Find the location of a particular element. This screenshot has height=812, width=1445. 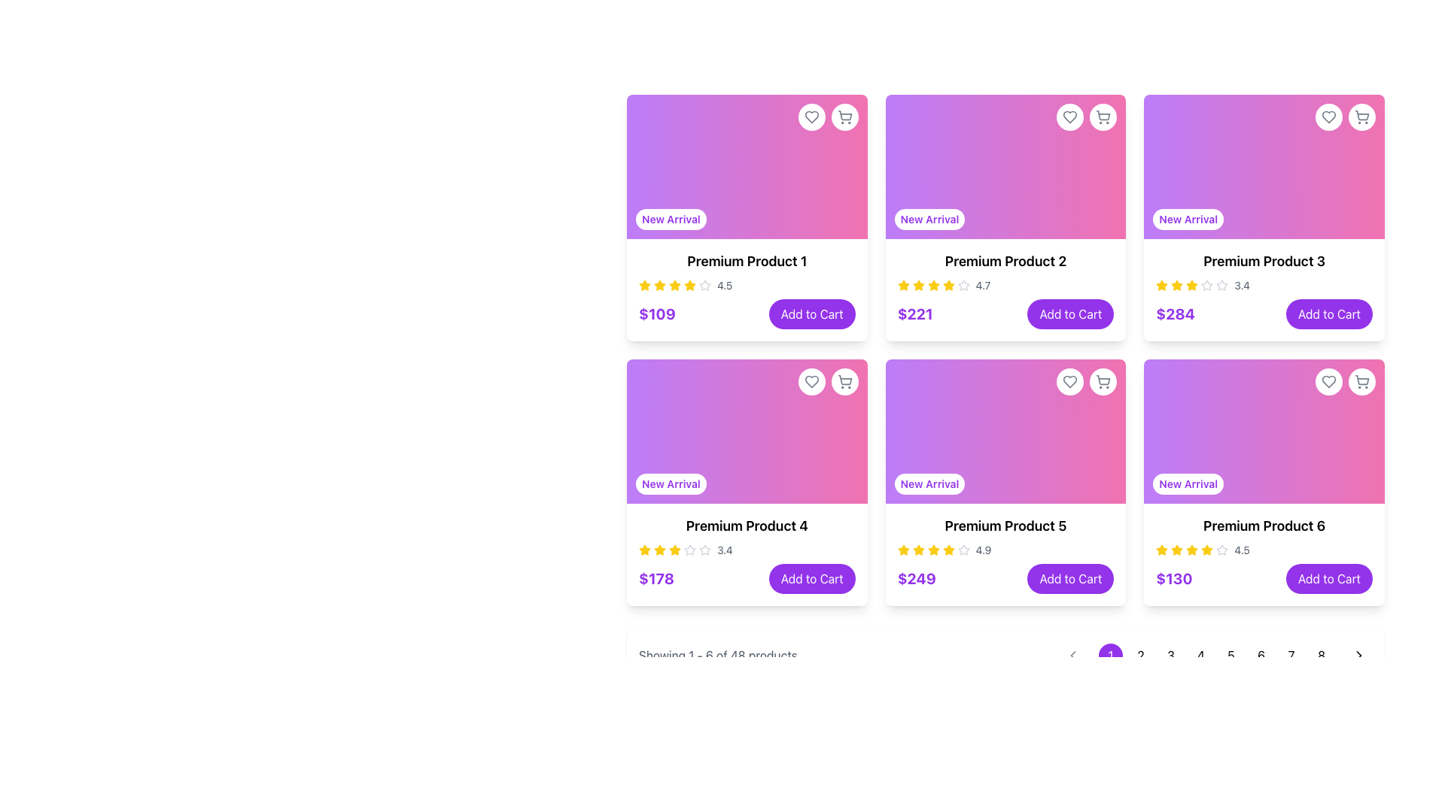

the Rating display element located in the bottom section of the card for 'Premium Product 6', which is positioned below the product title and above the price and 'Add to Cart' button is located at coordinates (1264, 550).